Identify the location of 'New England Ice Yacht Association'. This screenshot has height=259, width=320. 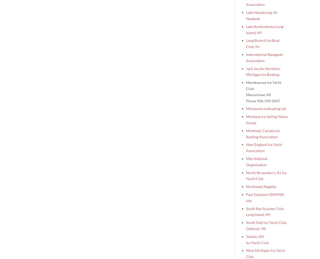
(264, 147).